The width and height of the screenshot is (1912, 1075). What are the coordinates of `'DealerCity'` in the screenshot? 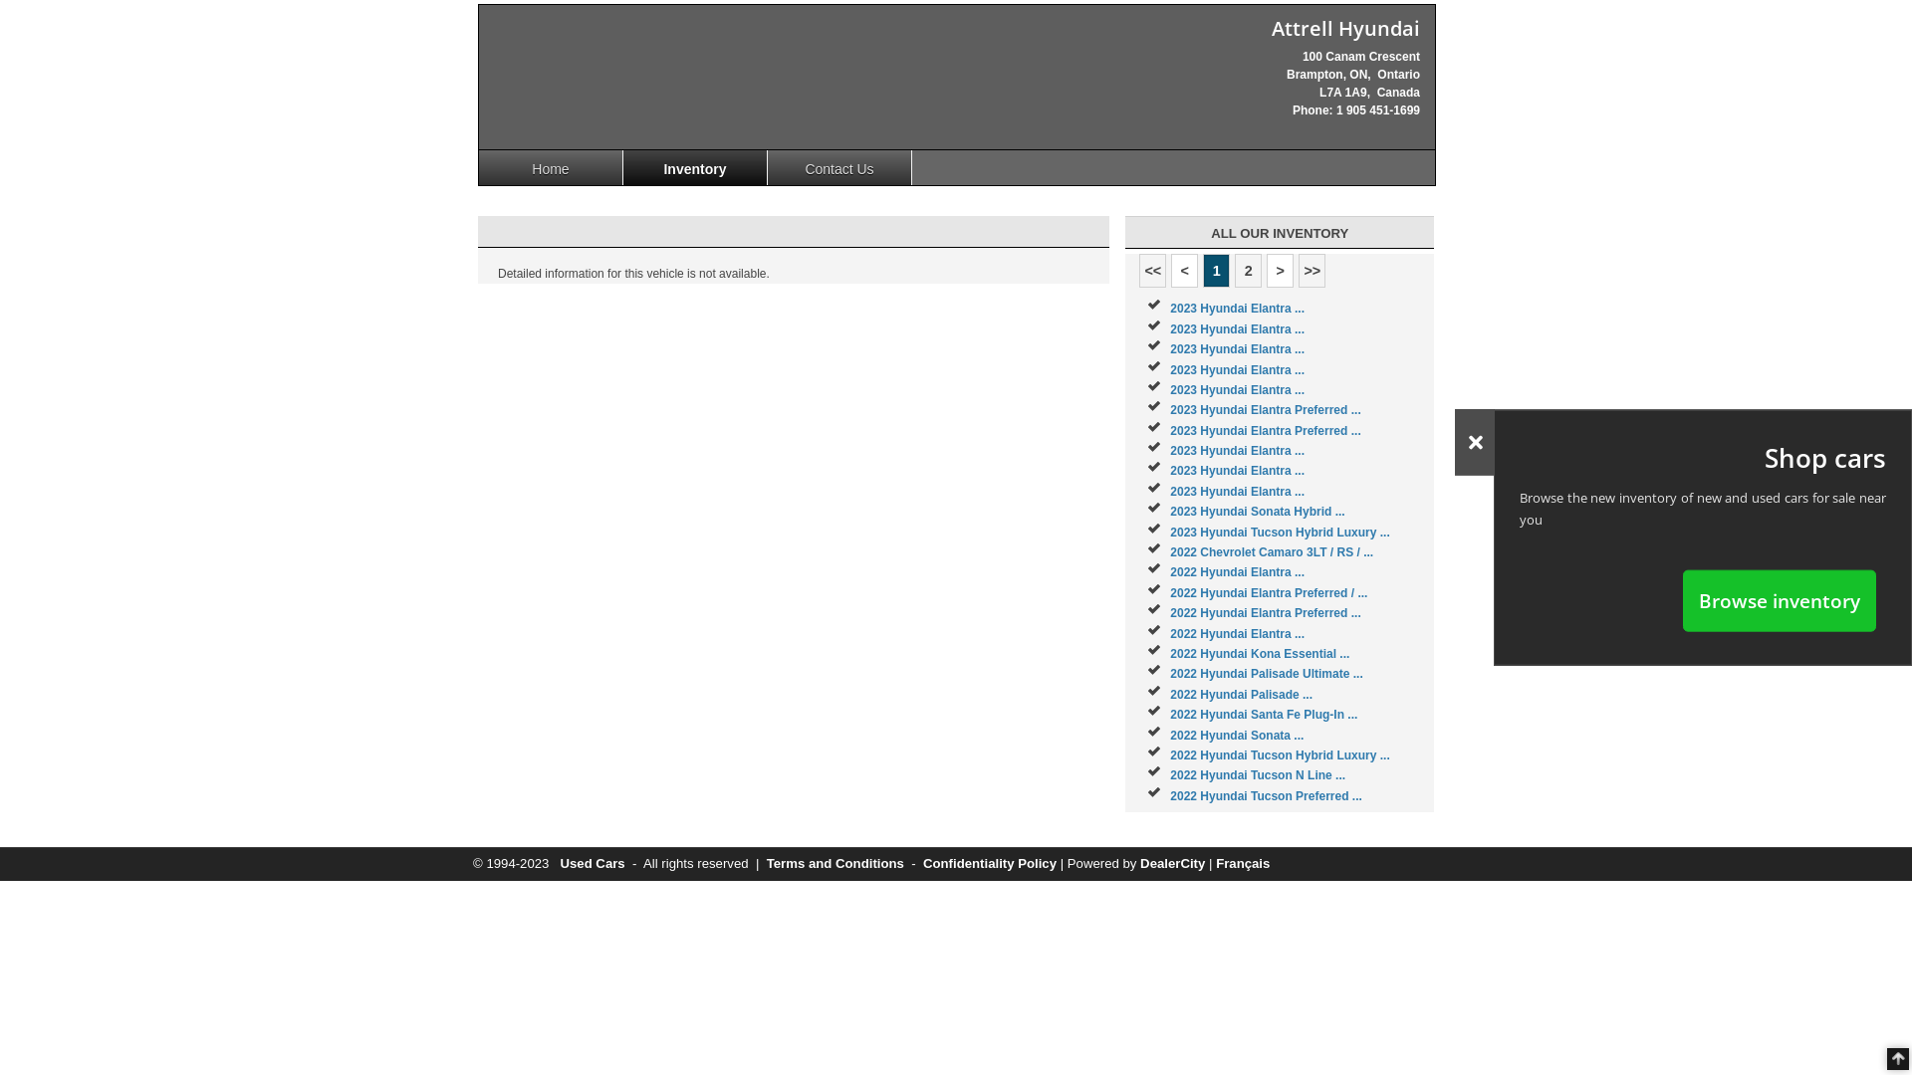 It's located at (1172, 862).